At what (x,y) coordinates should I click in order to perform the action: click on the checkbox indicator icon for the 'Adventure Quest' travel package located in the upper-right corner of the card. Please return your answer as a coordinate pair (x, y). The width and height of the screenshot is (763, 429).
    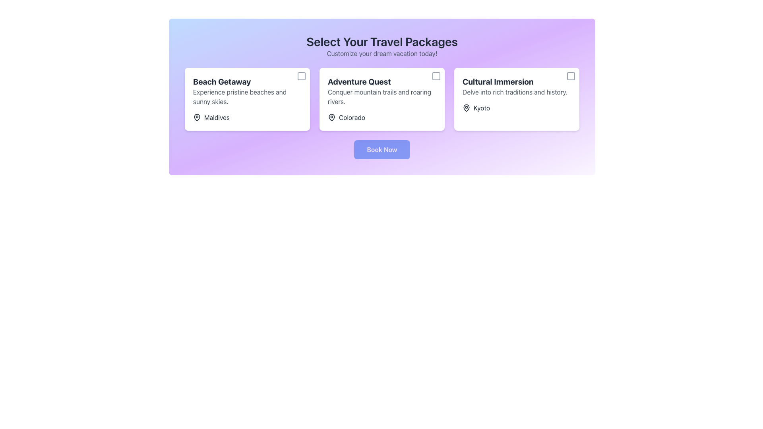
    Looking at the image, I should click on (436, 76).